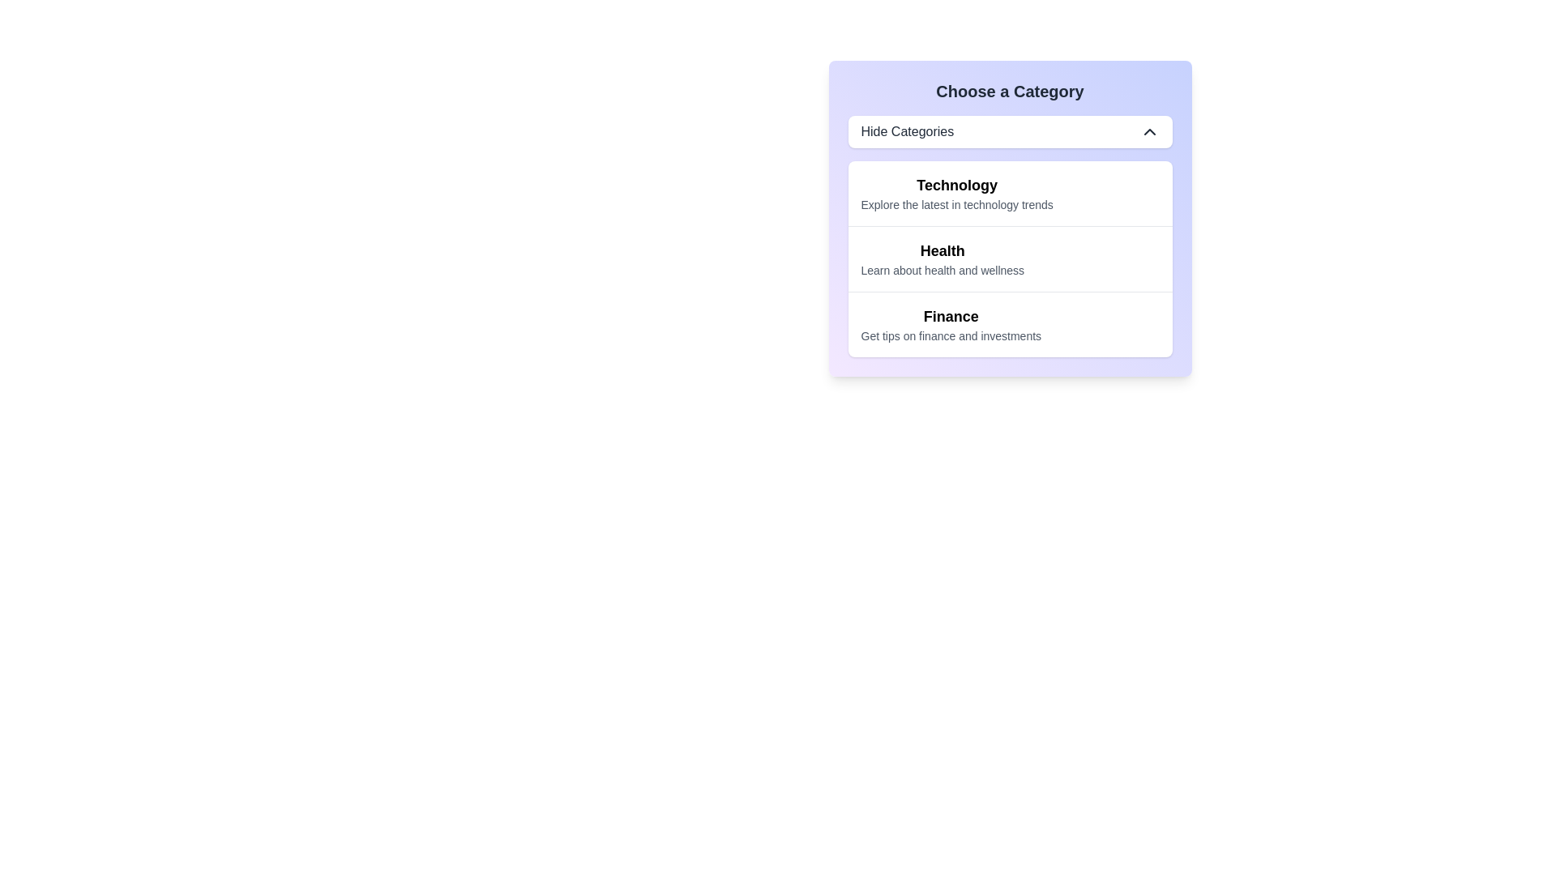  What do you see at coordinates (957, 193) in the screenshot?
I see `the top entry in the category list labeled 'Technology'` at bounding box center [957, 193].